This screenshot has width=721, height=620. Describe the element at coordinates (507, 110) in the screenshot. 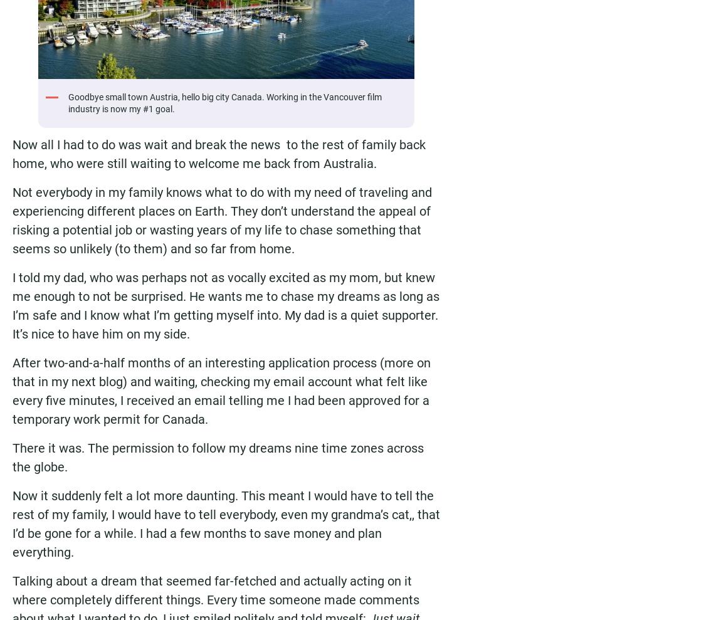

I see `'Become our Partner'` at that location.